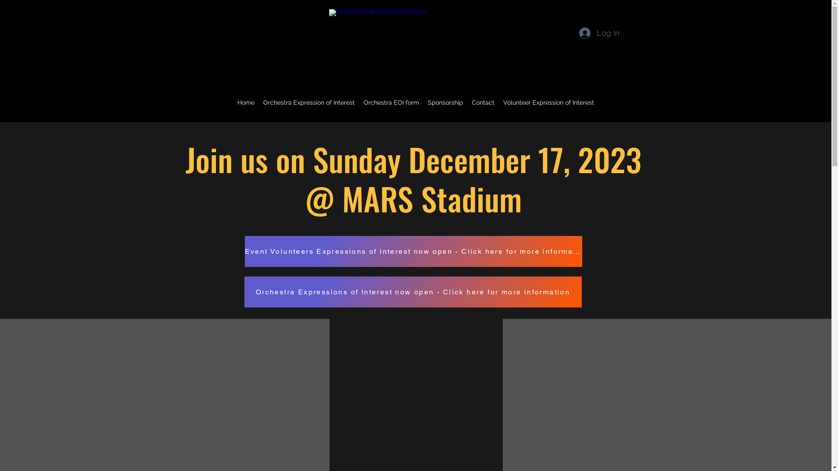 This screenshot has width=838, height=471. Describe the element at coordinates (483, 102) in the screenshot. I see `'Contact'` at that location.